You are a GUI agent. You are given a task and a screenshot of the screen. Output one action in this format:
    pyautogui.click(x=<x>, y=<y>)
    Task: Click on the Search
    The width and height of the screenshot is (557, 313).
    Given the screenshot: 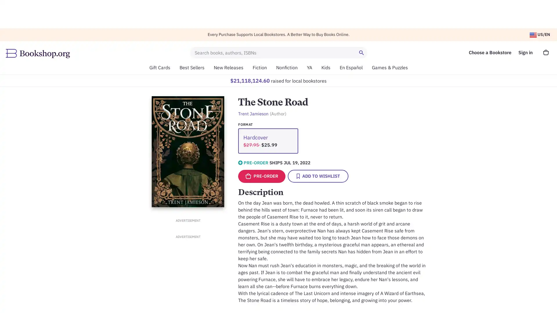 What is the action you would take?
    pyautogui.click(x=362, y=52)
    